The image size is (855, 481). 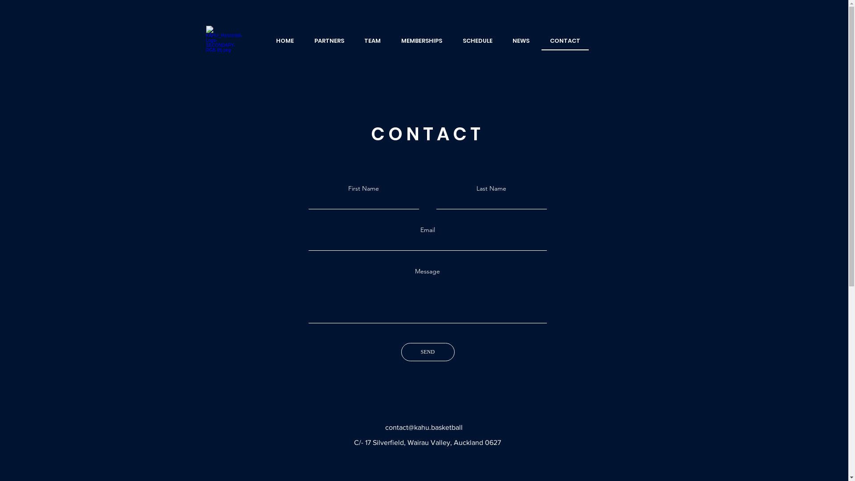 I want to click on 'SEND', so click(x=400, y=351).